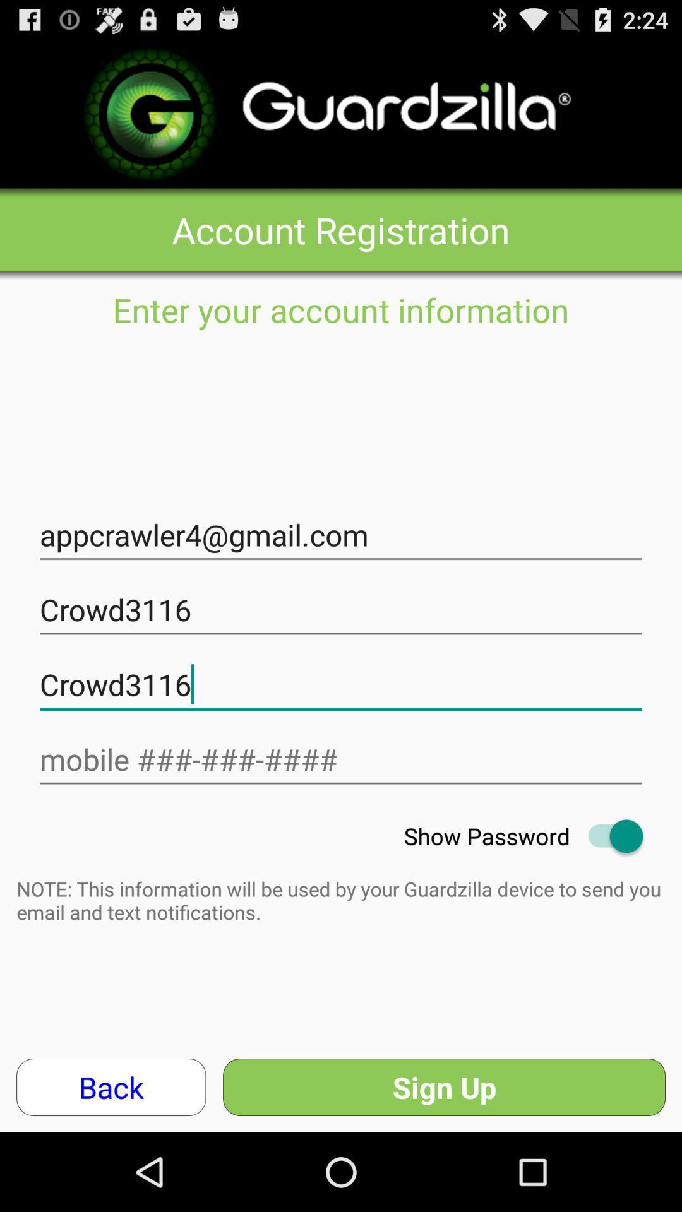 The image size is (682, 1212). Describe the element at coordinates (341, 759) in the screenshot. I see `your mobile number` at that location.